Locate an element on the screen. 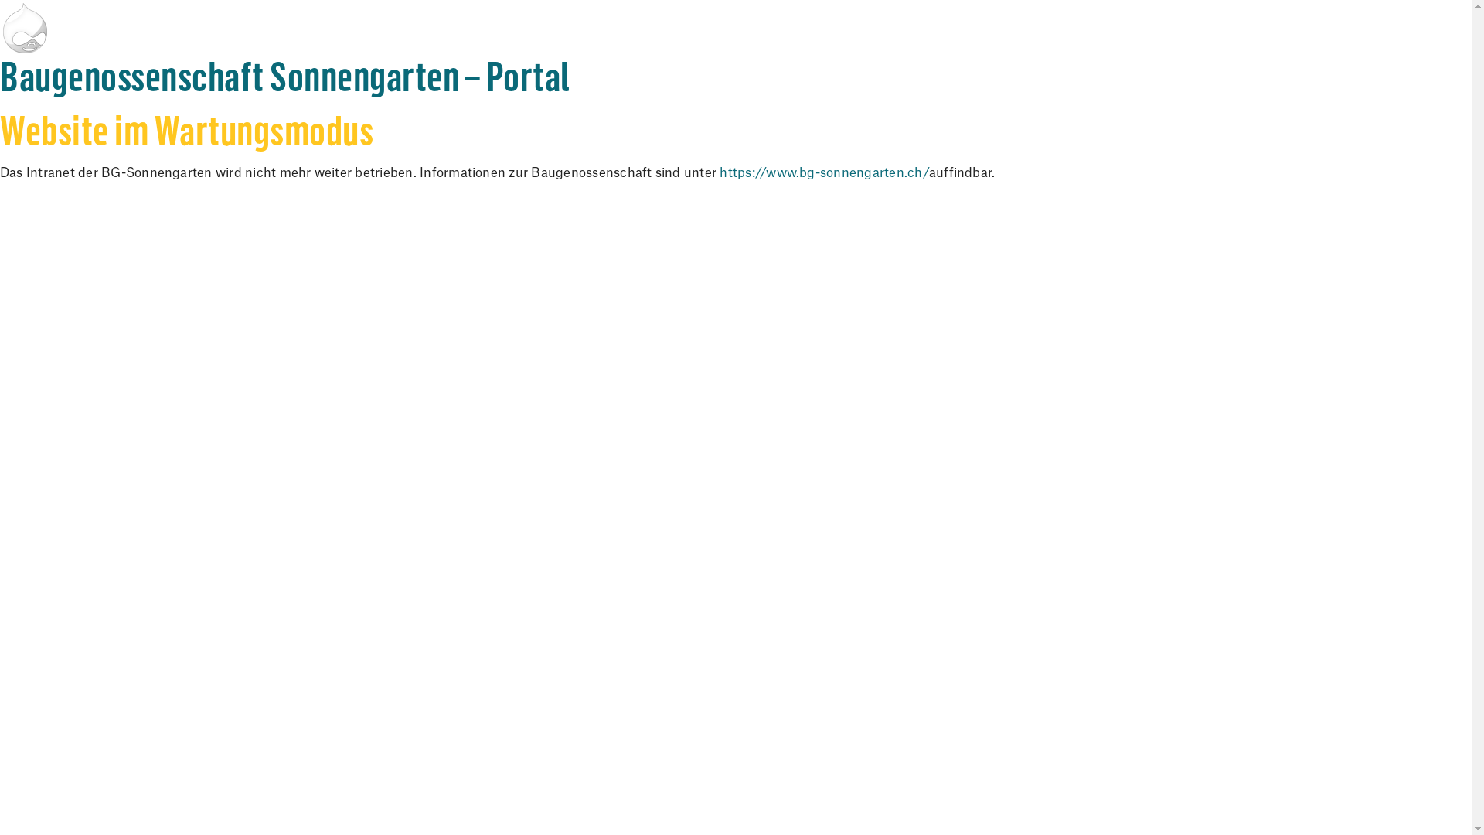 The width and height of the screenshot is (1484, 835). 'https://www.bg-sonnengarten.ch/' is located at coordinates (822, 172).